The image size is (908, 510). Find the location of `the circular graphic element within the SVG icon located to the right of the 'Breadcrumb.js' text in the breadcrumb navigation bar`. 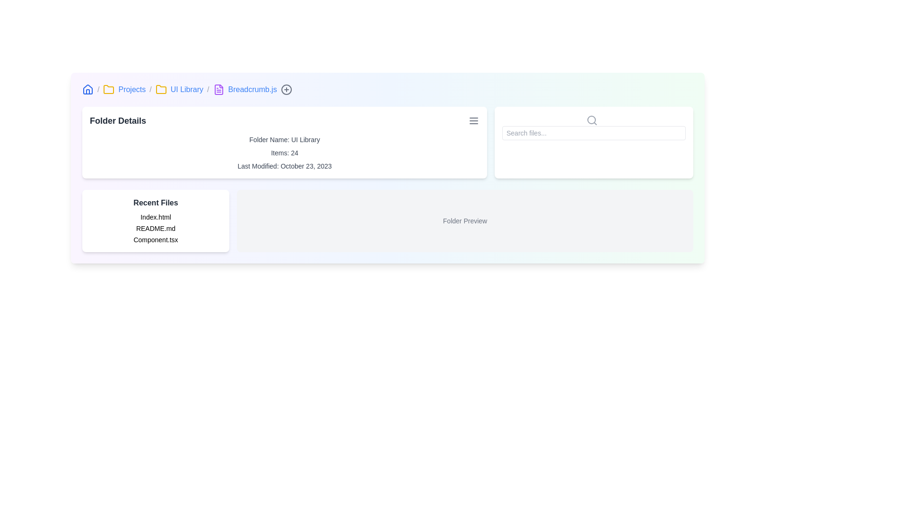

the circular graphic element within the SVG icon located to the right of the 'Breadcrumb.js' text in the breadcrumb navigation bar is located at coordinates (286, 89).